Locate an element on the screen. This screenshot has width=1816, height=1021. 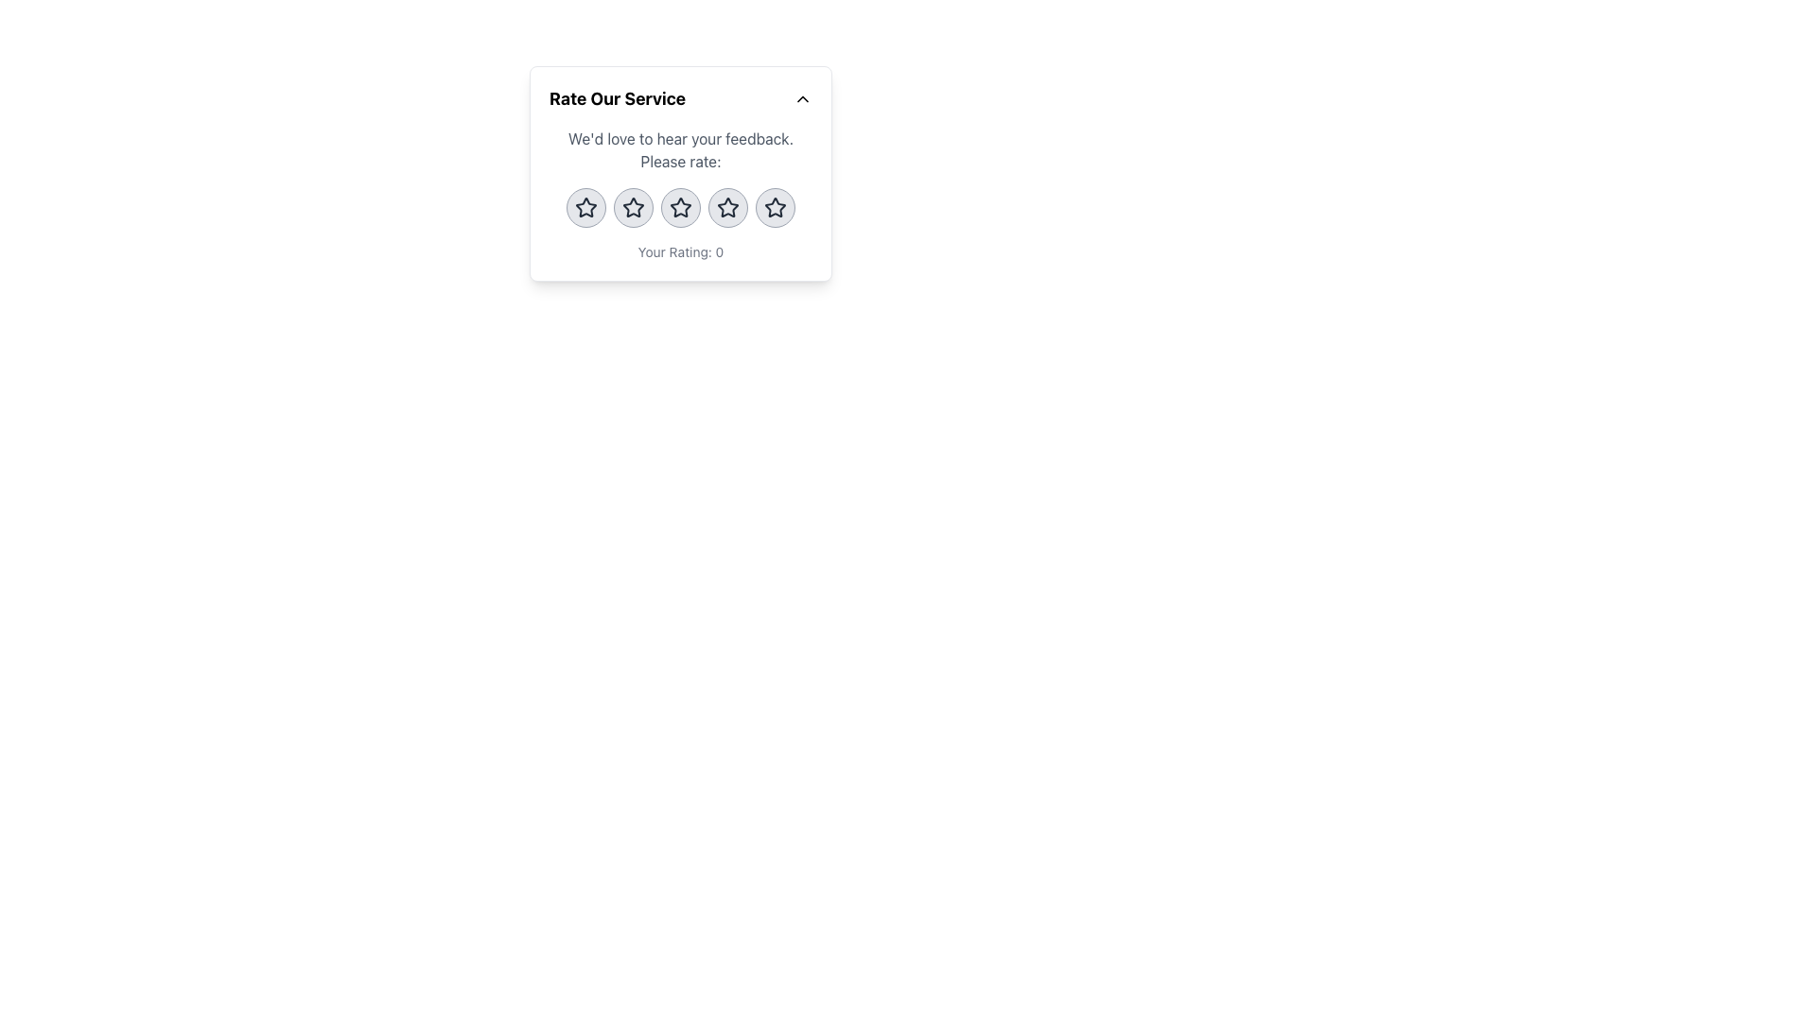
the second star rating button in a row of five is located at coordinates (634, 207).